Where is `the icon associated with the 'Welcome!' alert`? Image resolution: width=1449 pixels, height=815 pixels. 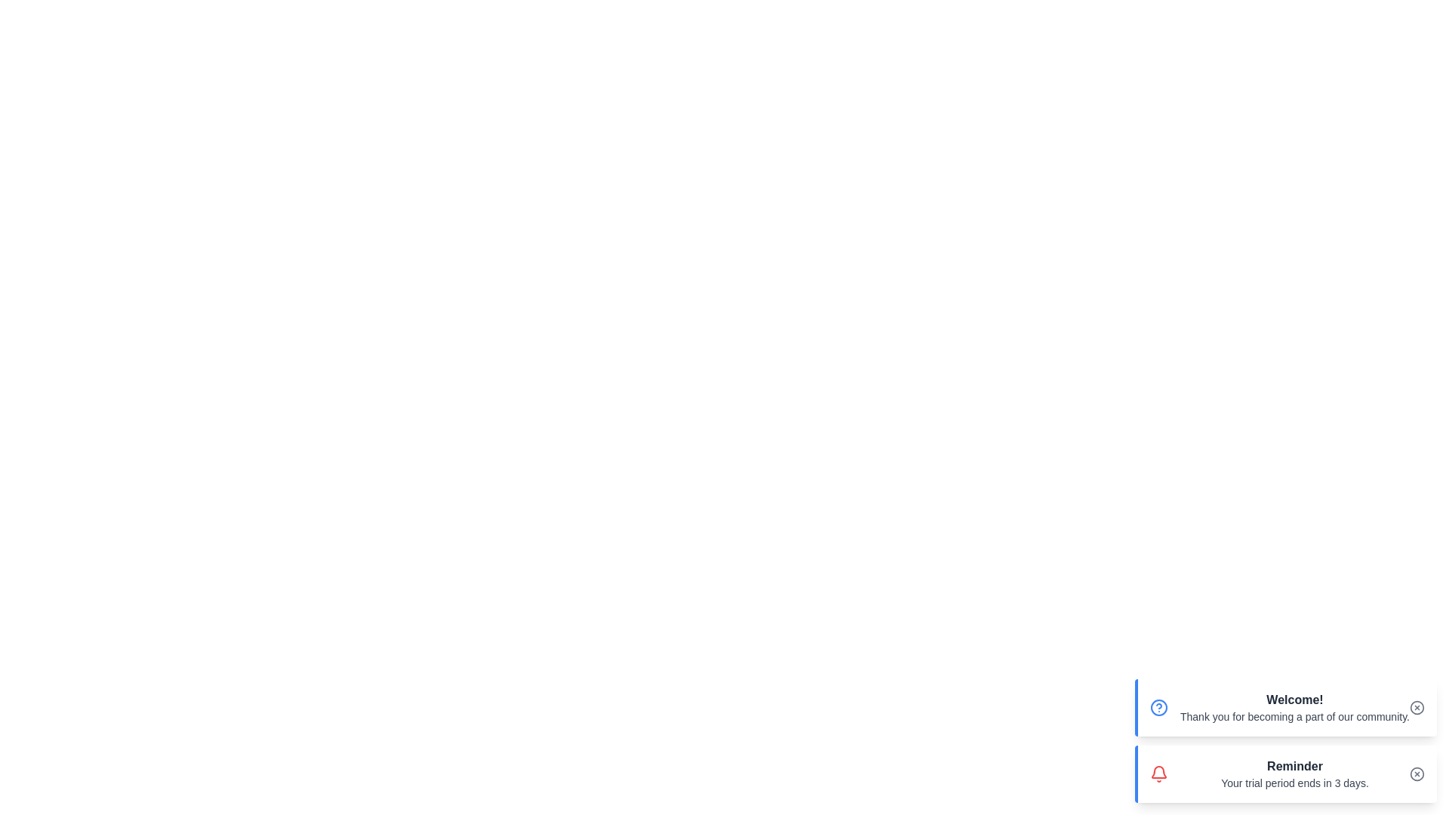
the icon associated with the 'Welcome!' alert is located at coordinates (1158, 707).